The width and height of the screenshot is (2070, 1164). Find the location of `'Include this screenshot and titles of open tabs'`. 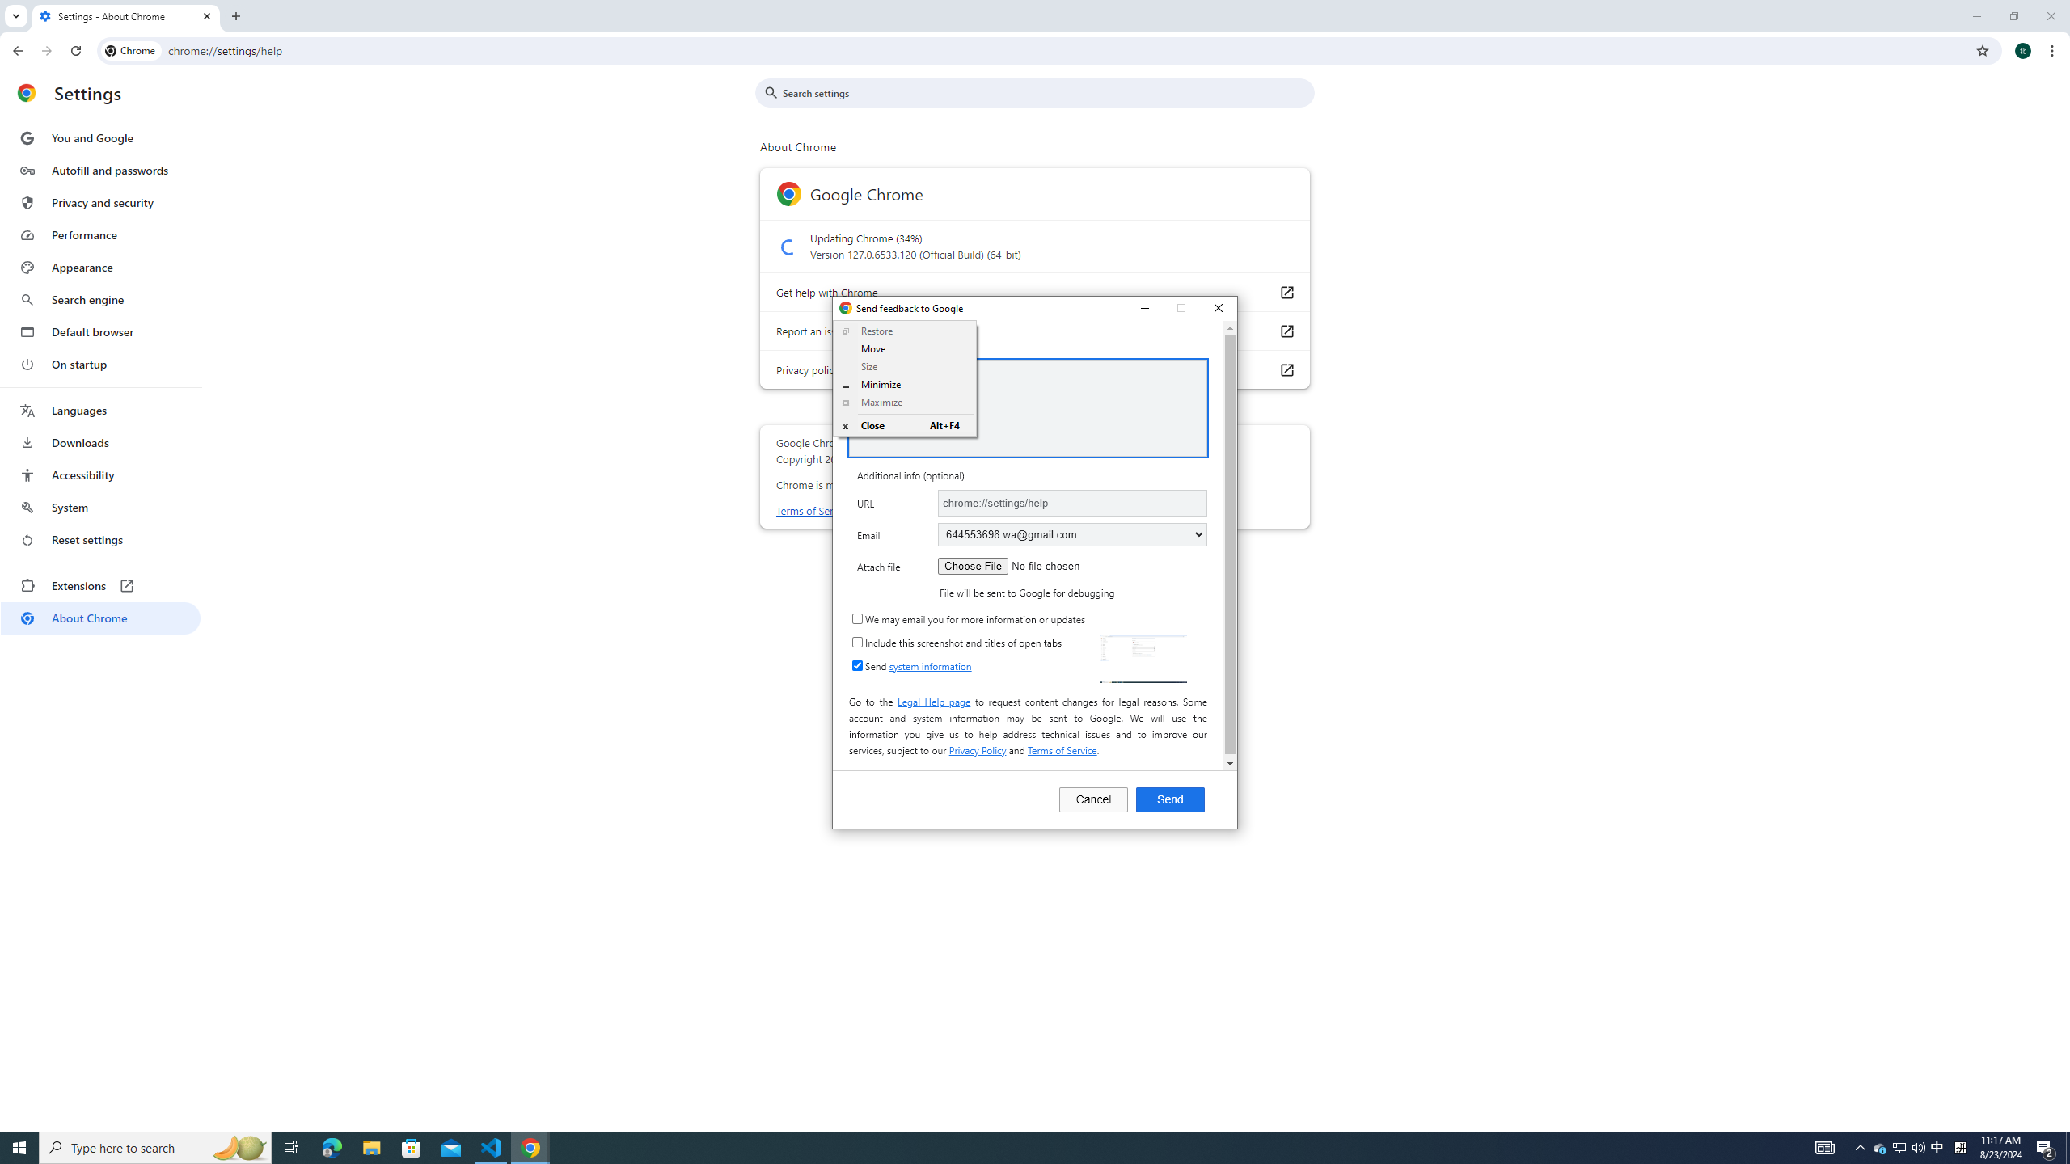

'Include this screenshot and titles of open tabs' is located at coordinates (857, 641).